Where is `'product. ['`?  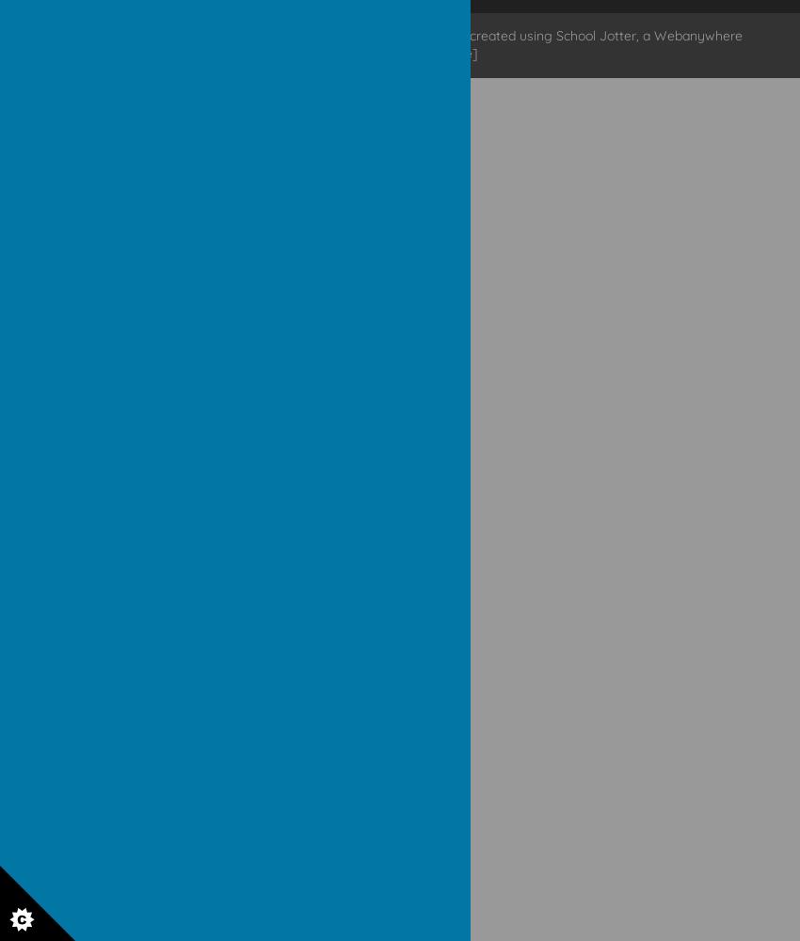
'product. [' is located at coordinates (349, 54).